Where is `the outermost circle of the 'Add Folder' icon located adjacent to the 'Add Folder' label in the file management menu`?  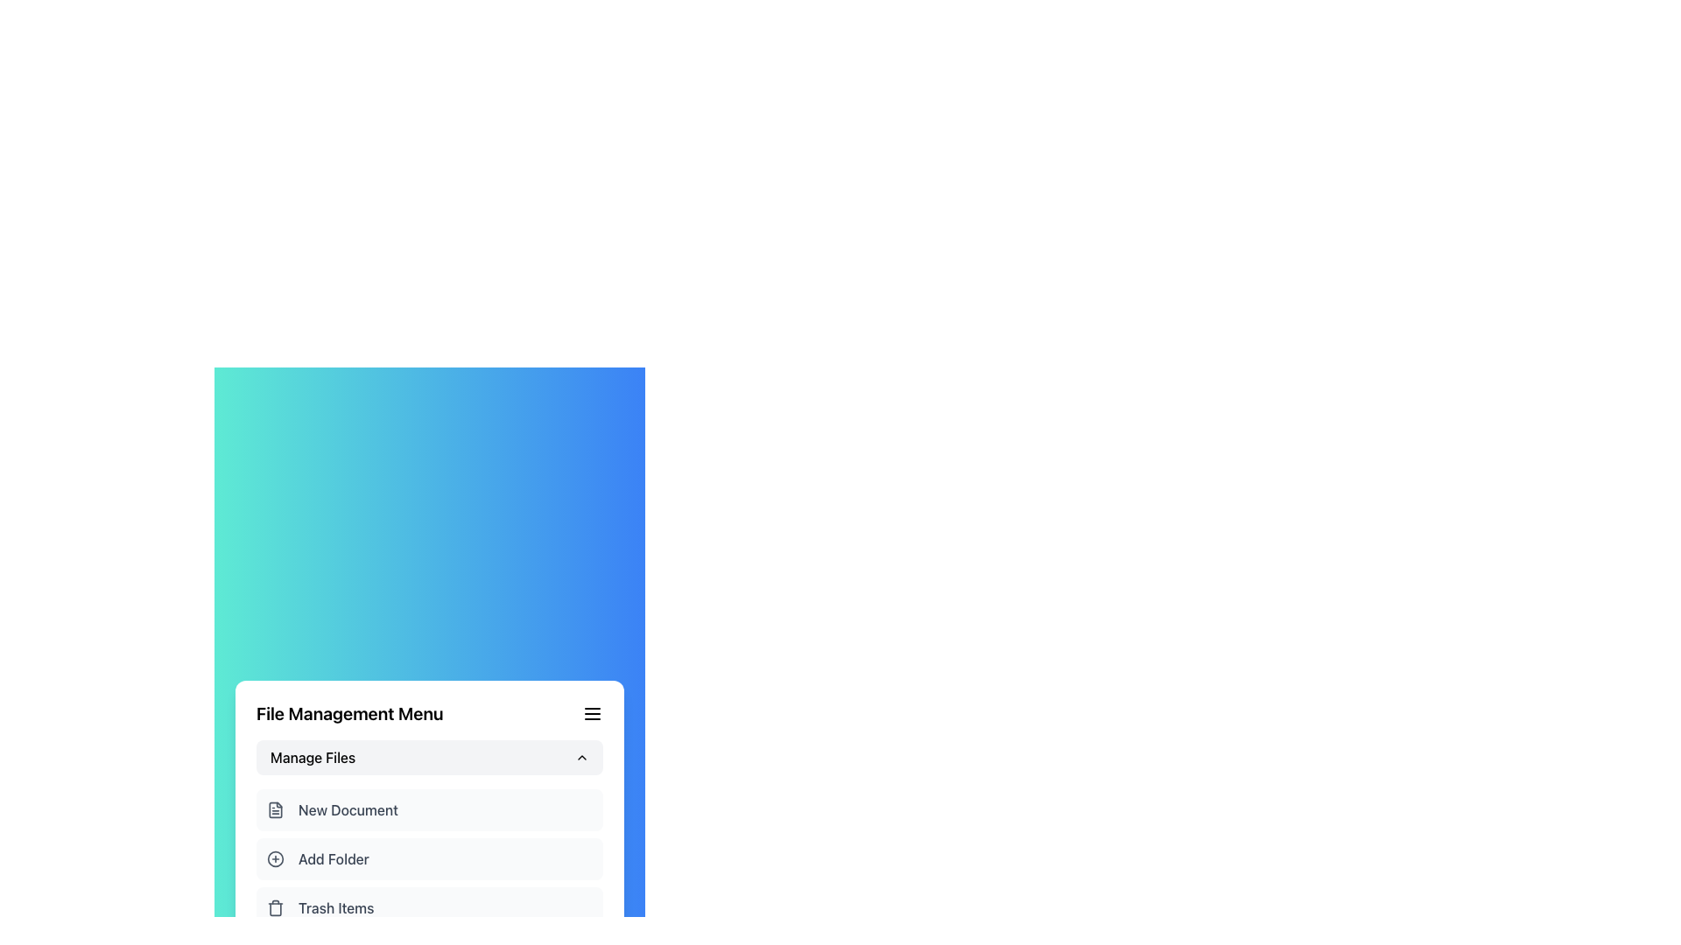 the outermost circle of the 'Add Folder' icon located adjacent to the 'Add Folder' label in the file management menu is located at coordinates (275, 858).